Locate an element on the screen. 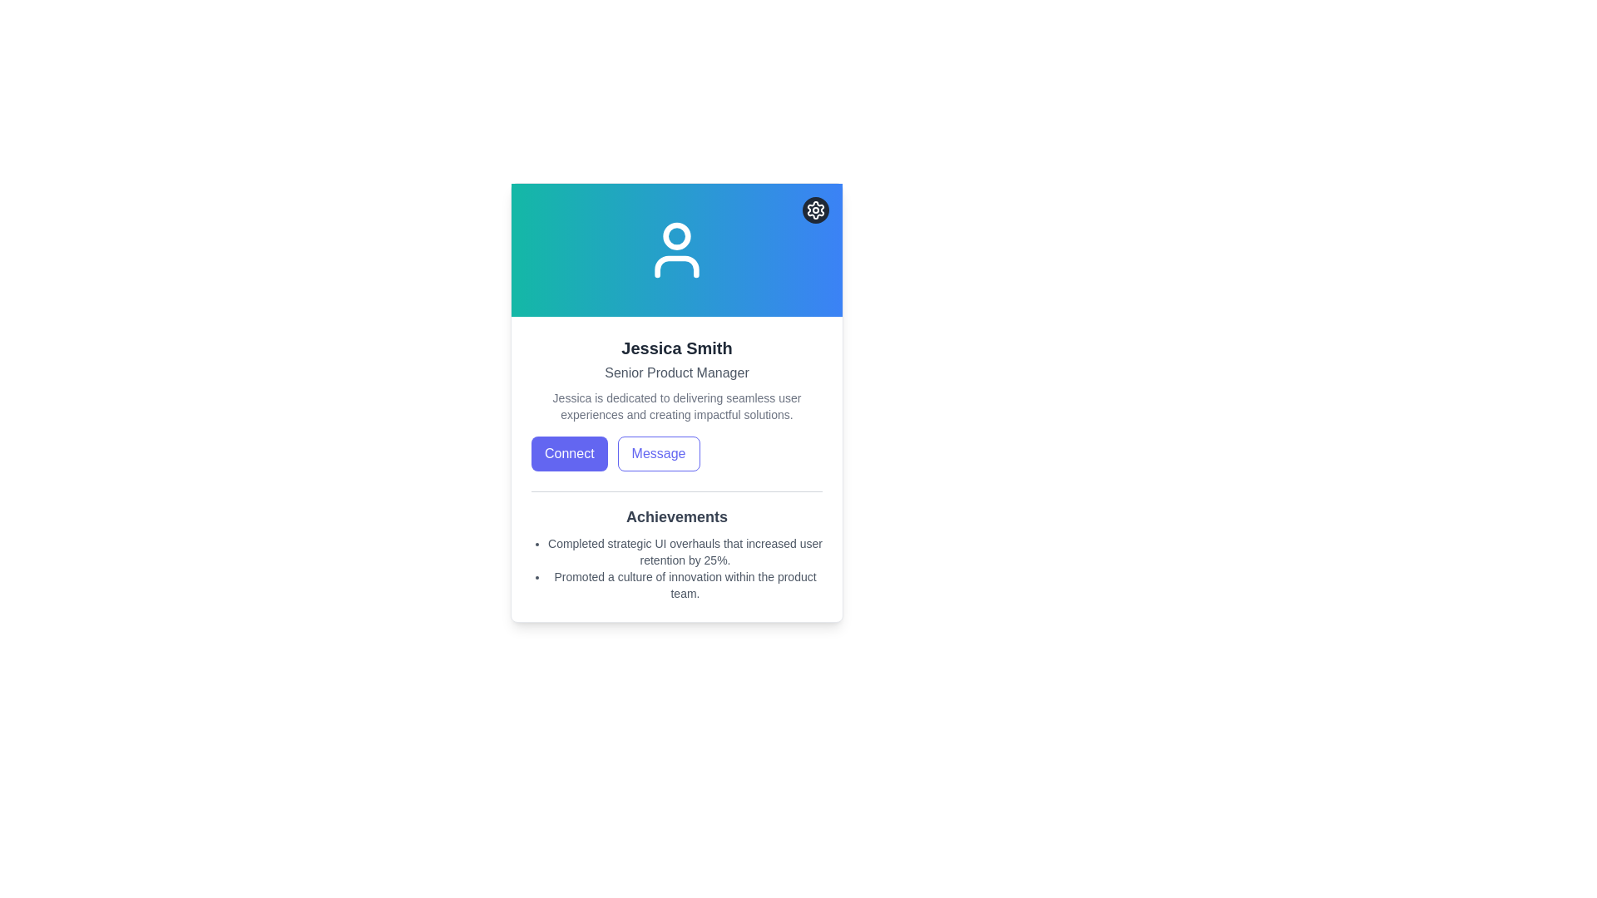 This screenshot has height=898, width=1597. the messaging button located to the right of the 'Connect' button to observe hover effects is located at coordinates (658, 454).